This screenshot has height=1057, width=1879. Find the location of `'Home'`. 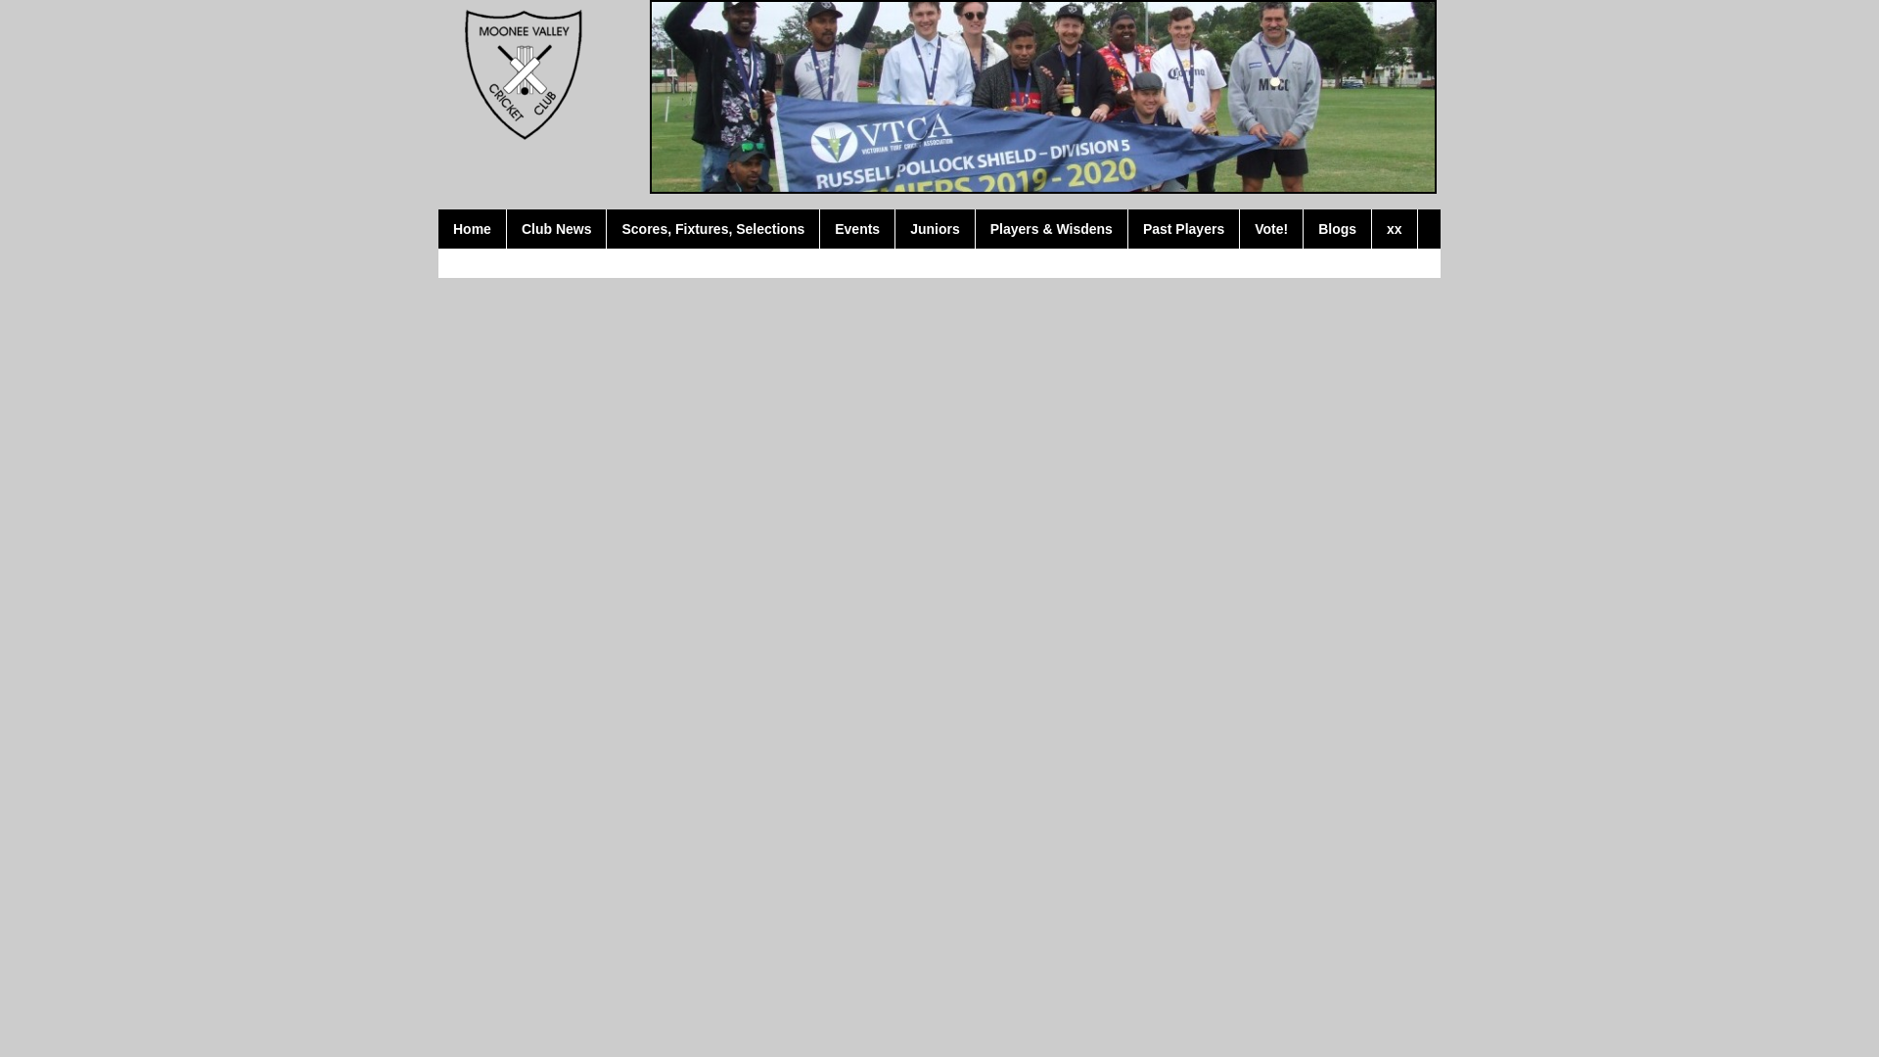

'Home' is located at coordinates (473, 228).